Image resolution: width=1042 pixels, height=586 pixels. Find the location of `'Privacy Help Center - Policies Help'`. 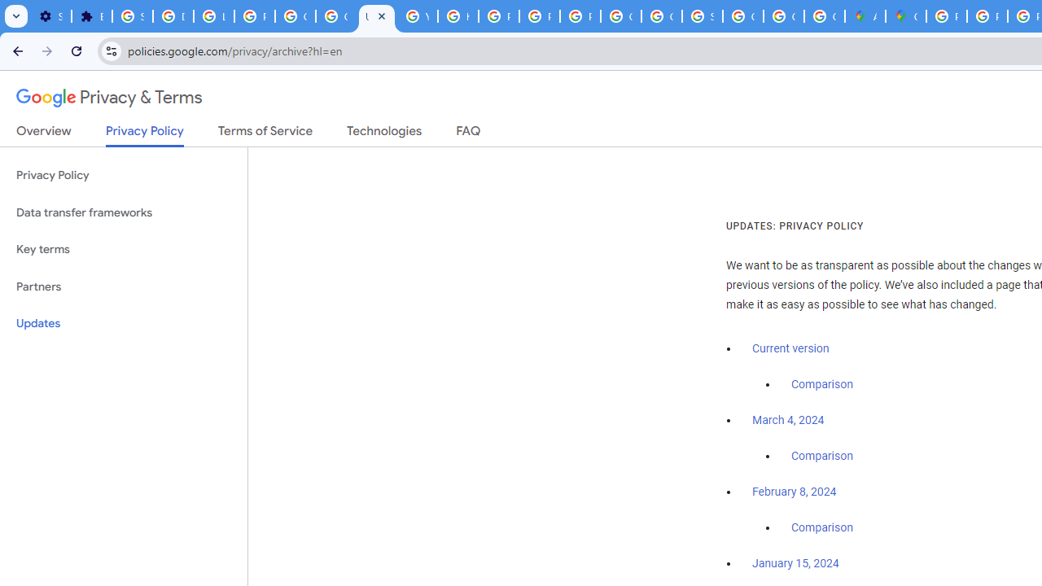

'Privacy Help Center - Policies Help' is located at coordinates (986, 16).